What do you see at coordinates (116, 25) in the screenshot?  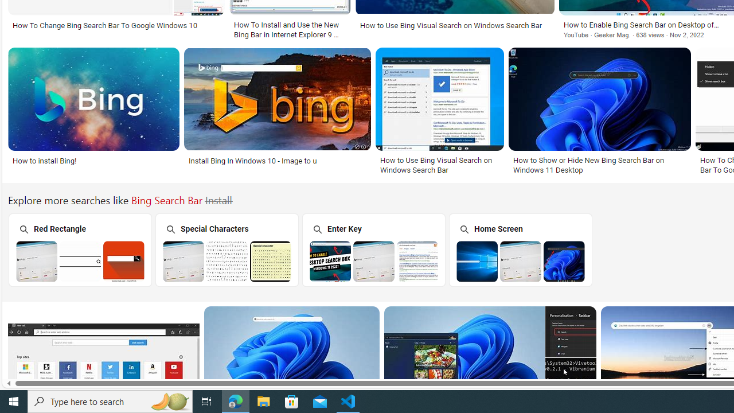 I see `'How To Change Bing Search Bar To Google Windows 10'` at bounding box center [116, 25].